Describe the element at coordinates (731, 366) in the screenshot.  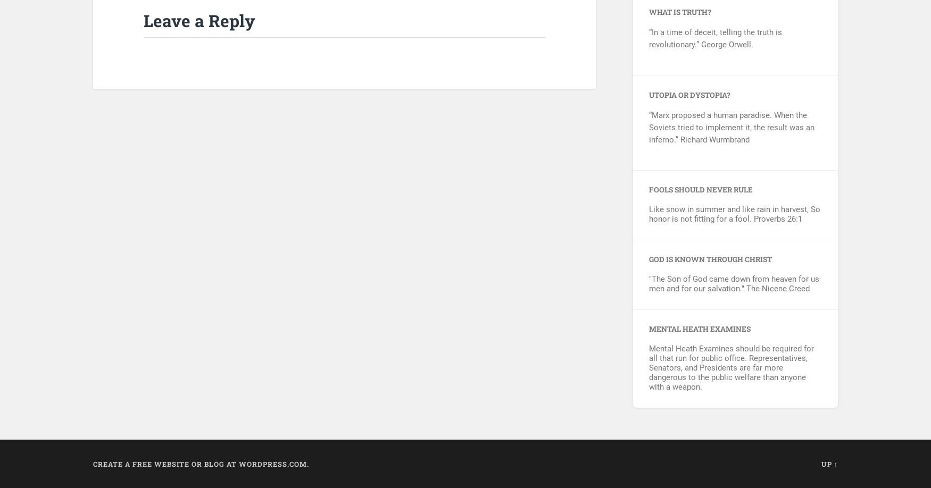
I see `'Mental Heath Examines should be required for all that run for public office. Representatives, Senators, and Presidents are far more dangerous to the public welfare than anyone with a weapon.'` at that location.